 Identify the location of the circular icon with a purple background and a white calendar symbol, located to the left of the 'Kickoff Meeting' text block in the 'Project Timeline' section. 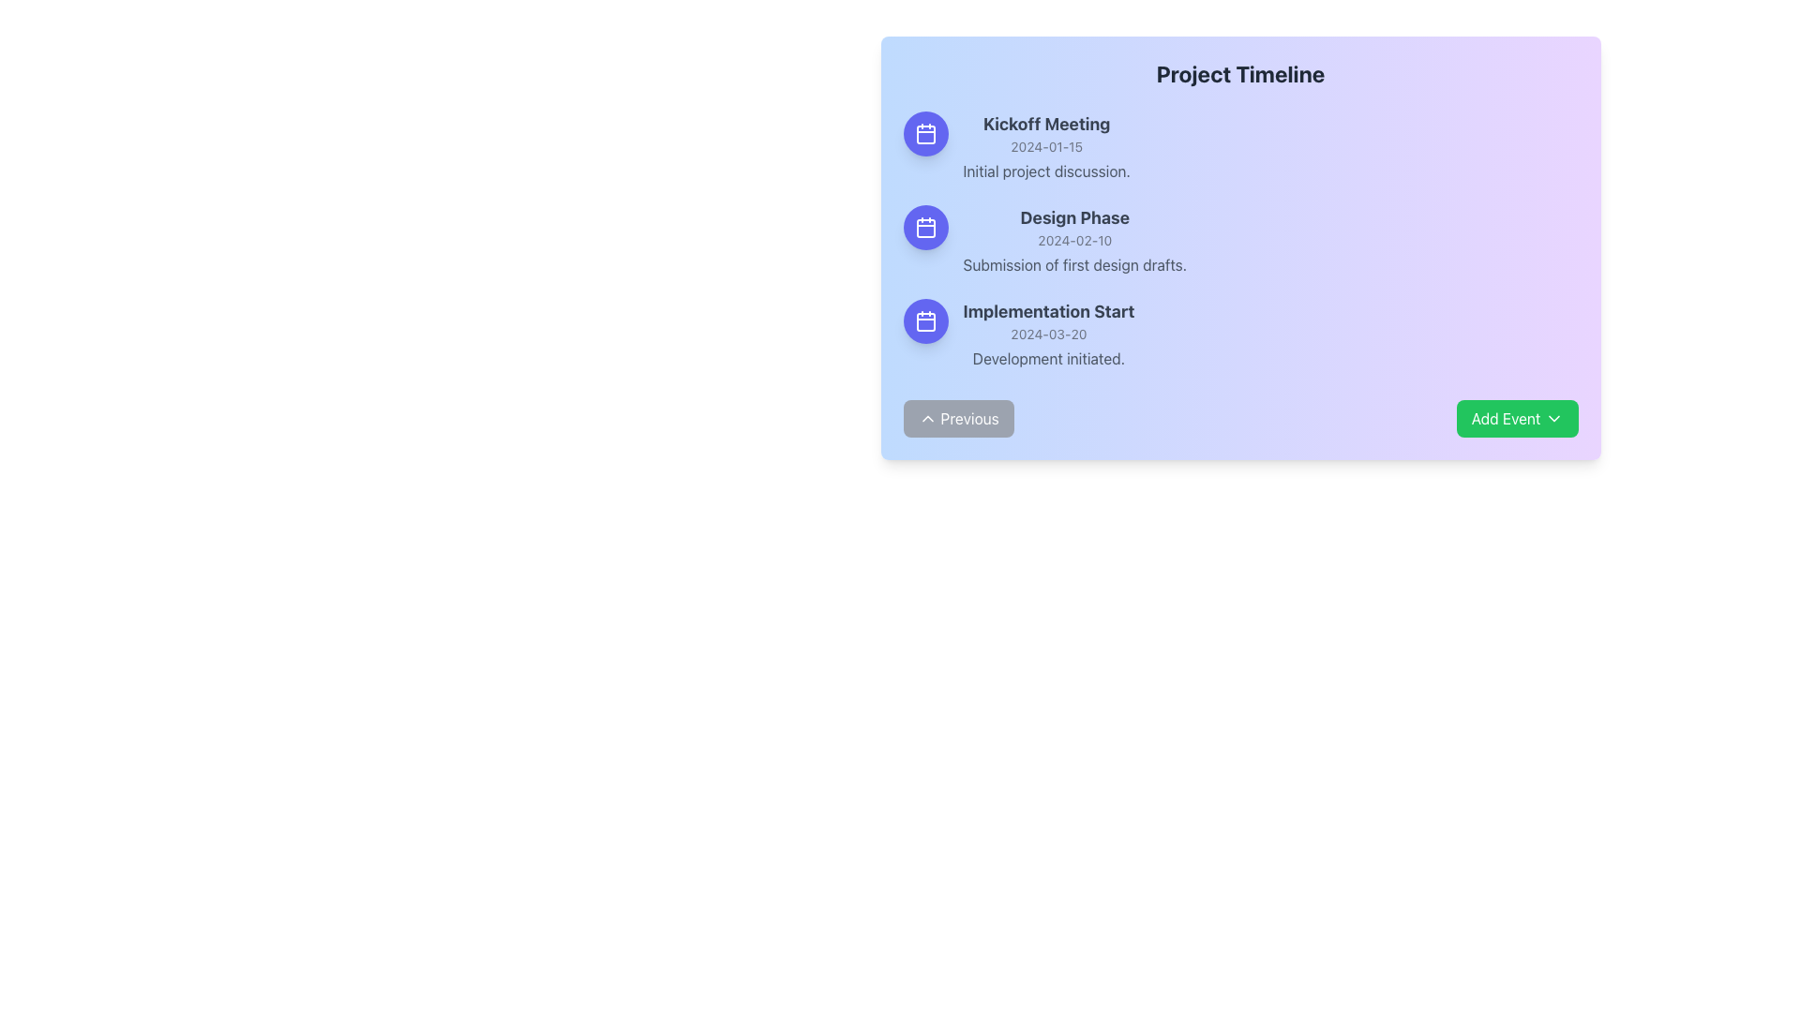
(925, 132).